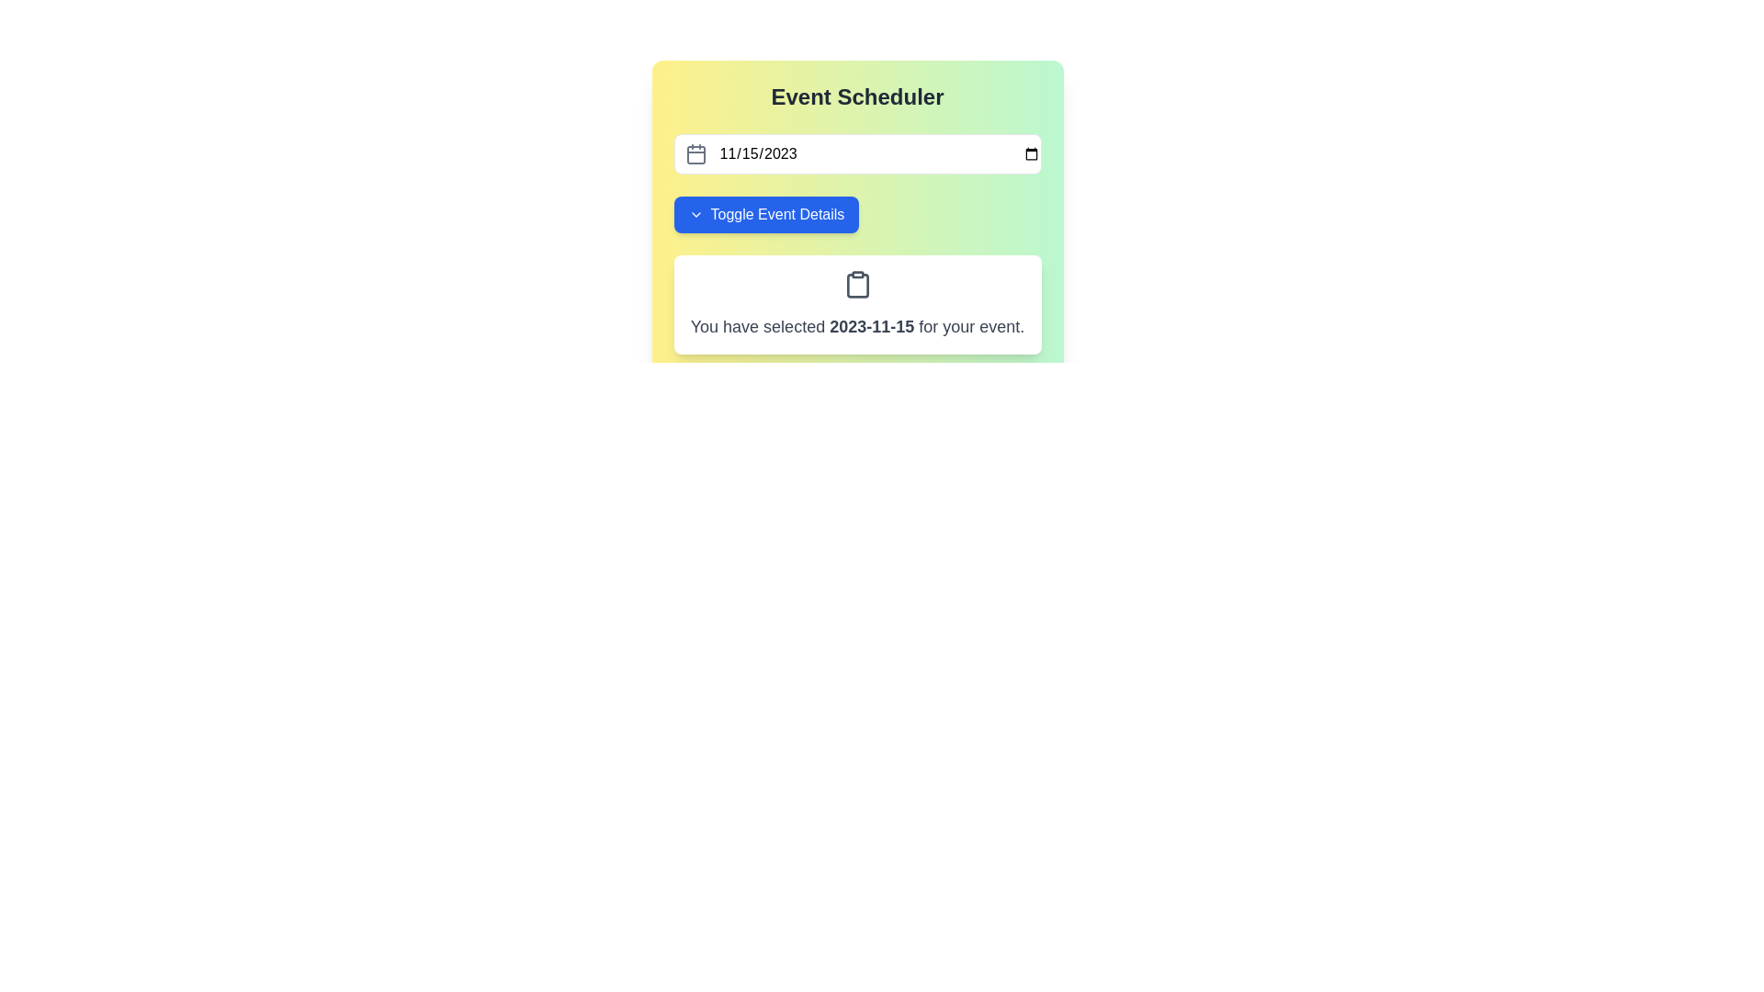  I want to click on the clipboard icon, which has a dark gray color and is positioned slightly downward from the top center of a white box, so click(856, 286).